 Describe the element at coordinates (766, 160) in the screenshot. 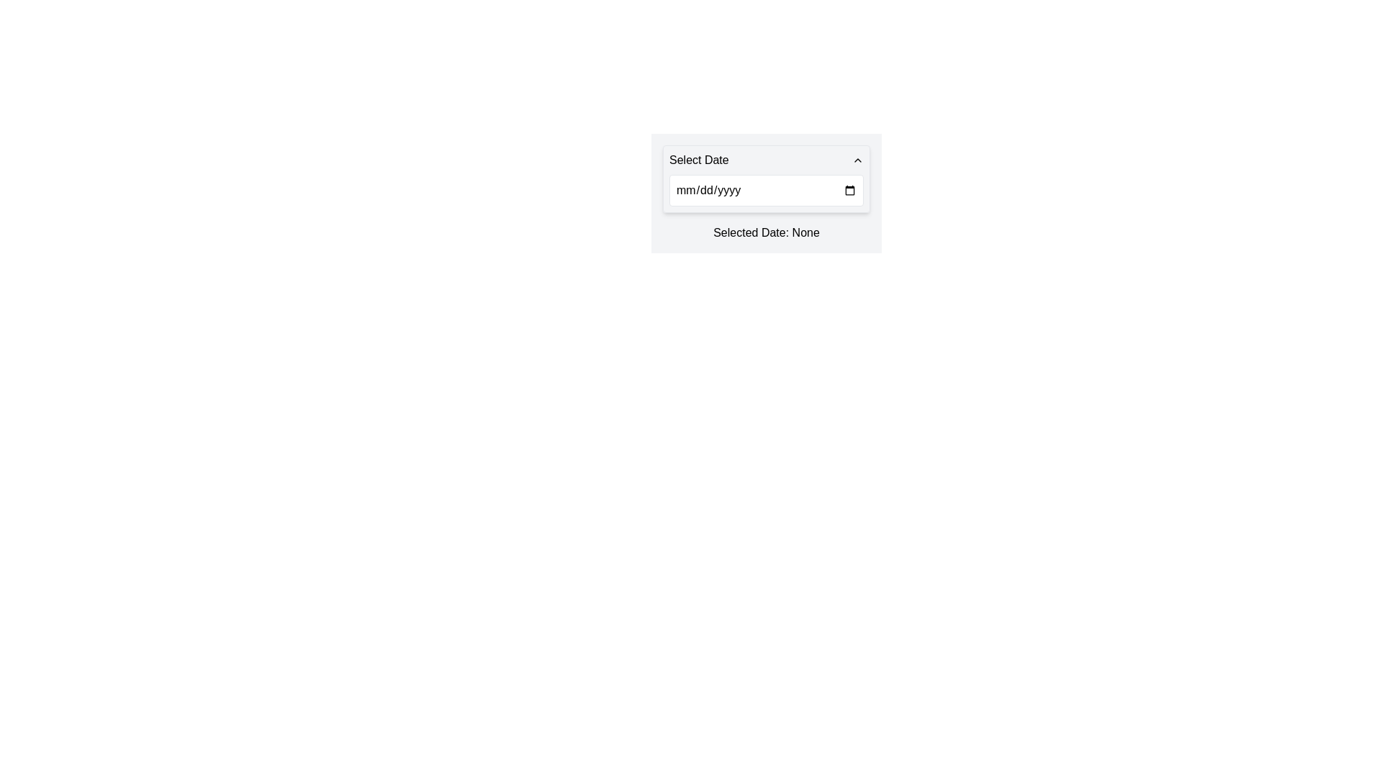

I see `the interactive label with the text 'Select Date' and an upward-pointing triangle icon for interaction` at that location.